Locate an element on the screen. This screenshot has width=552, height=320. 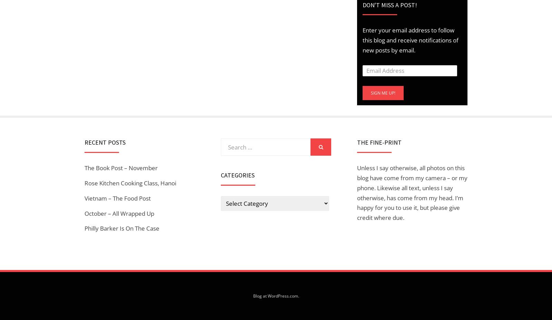
'Blog at WordPress.com.' is located at coordinates (276, 296).